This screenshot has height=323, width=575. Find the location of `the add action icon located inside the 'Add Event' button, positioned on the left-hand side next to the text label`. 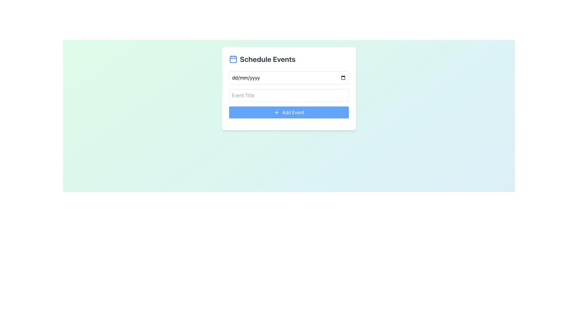

the add action icon located inside the 'Add Event' button, positioned on the left-hand side next to the text label is located at coordinates (276, 112).